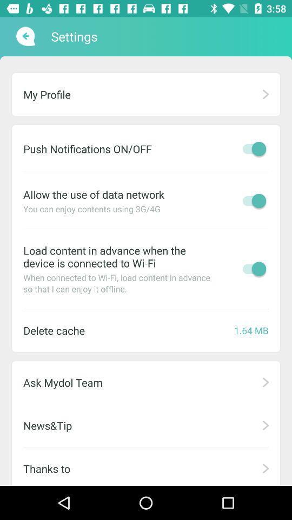  I want to click on turn off/on setting, so click(251, 268).